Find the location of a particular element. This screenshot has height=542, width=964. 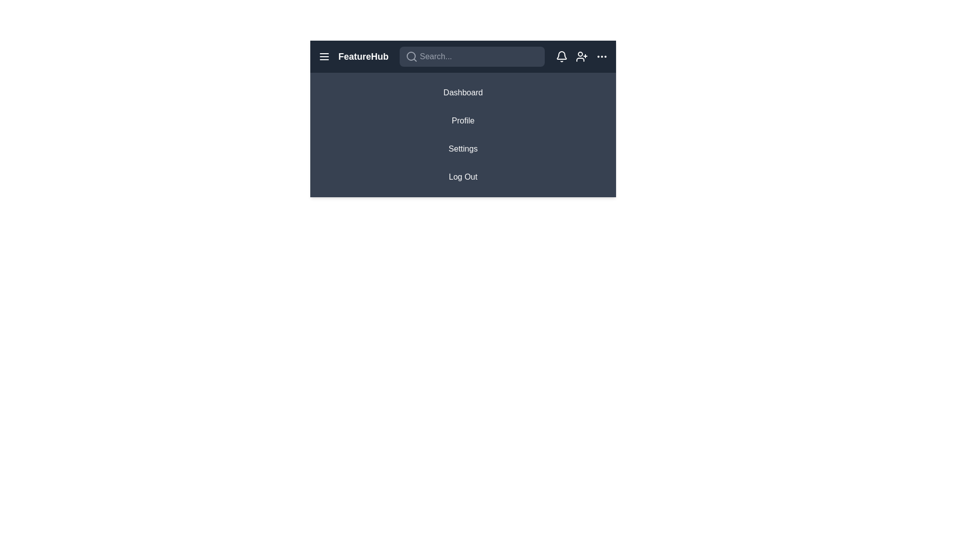

the text label or heading displaying the application's logo or name, located in the top bar, slightly to the left of the center is located at coordinates (363, 56).